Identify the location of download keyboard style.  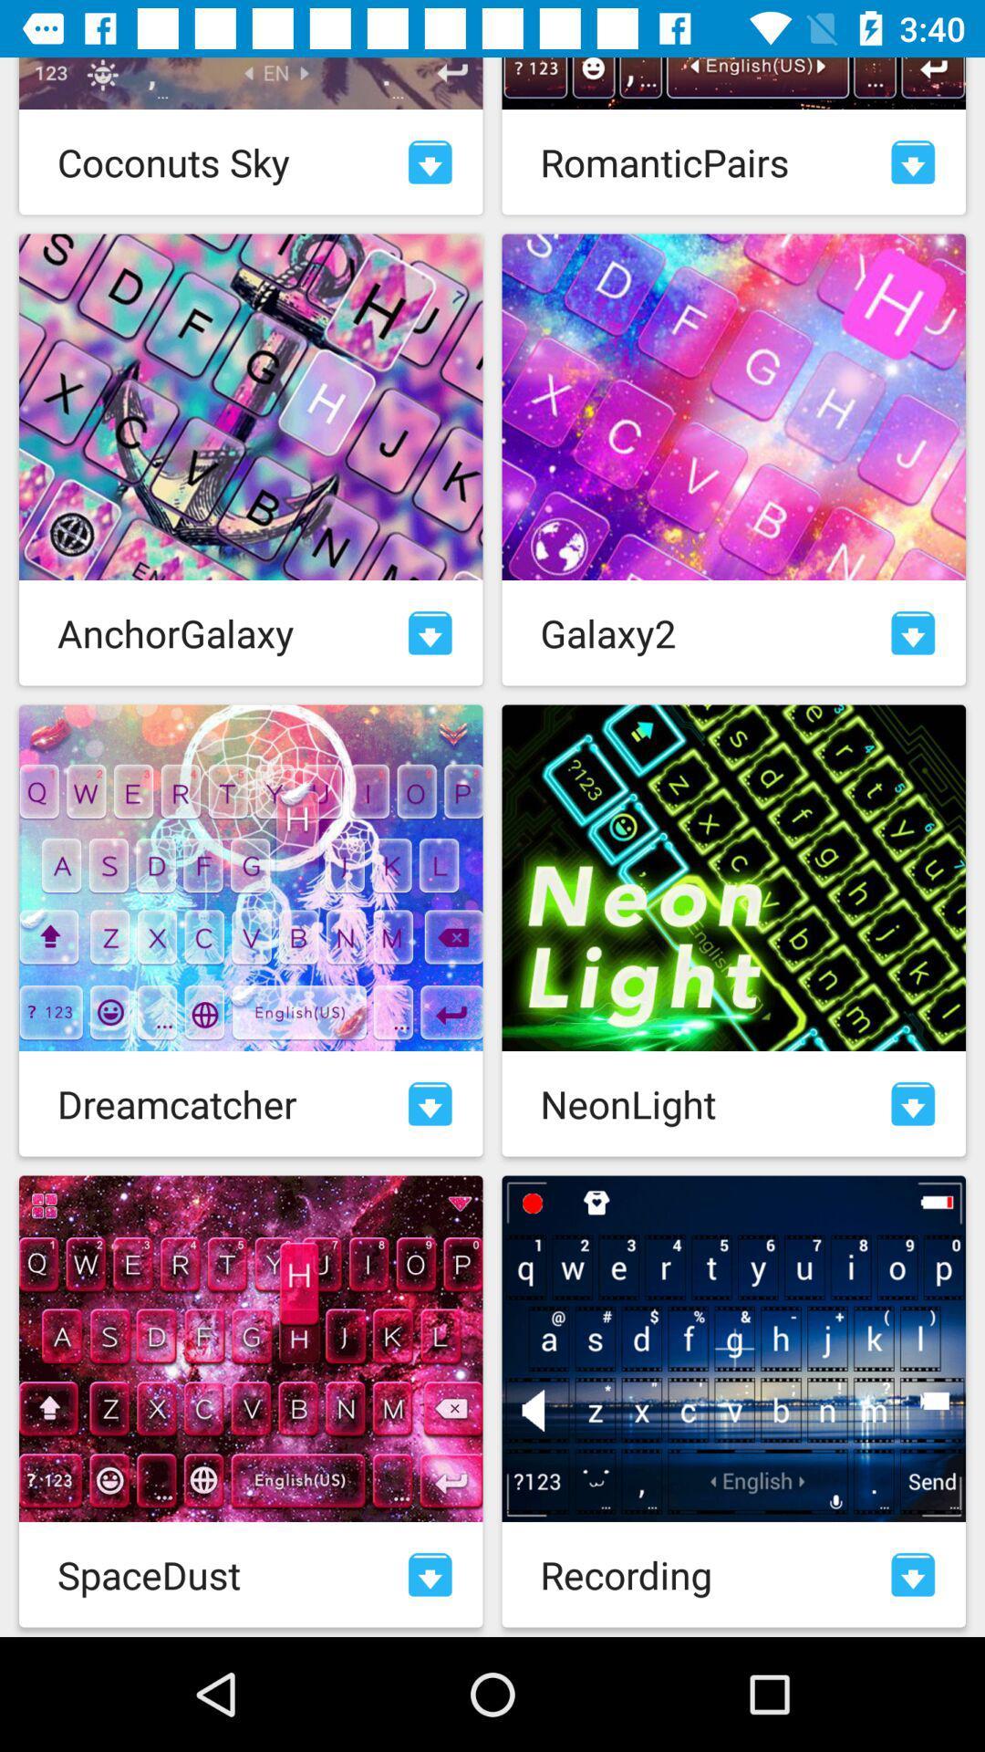
(913, 162).